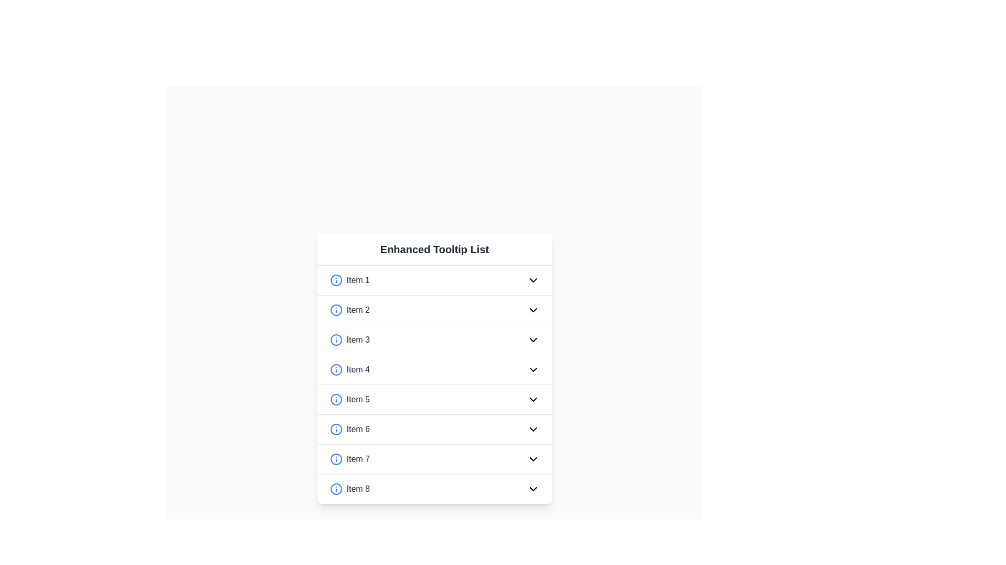 The height and width of the screenshot is (565, 1006). I want to click on the list item labeled 'Item 3' to focus on it, which is the third item in the 'Enhanced Tooltip List', so click(434, 340).